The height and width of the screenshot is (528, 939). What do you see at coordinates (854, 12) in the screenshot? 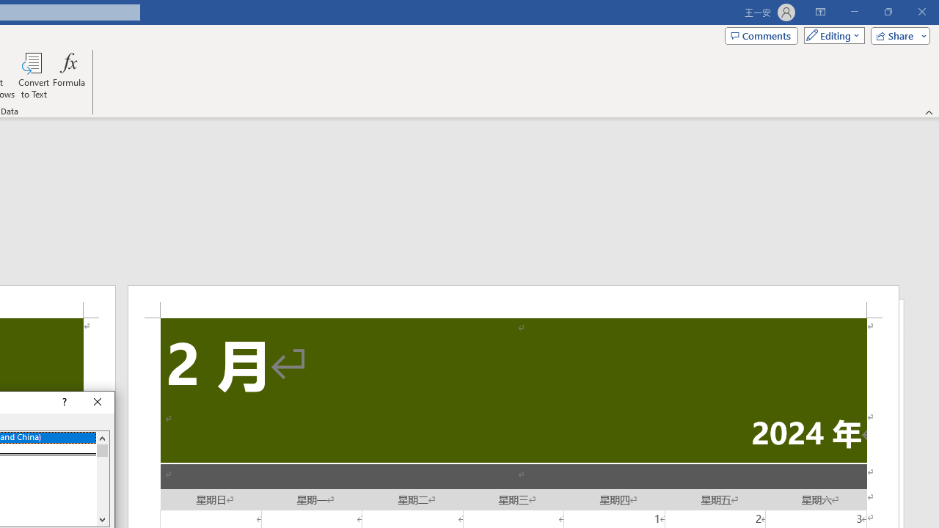
I see `'Minimize'` at bounding box center [854, 12].